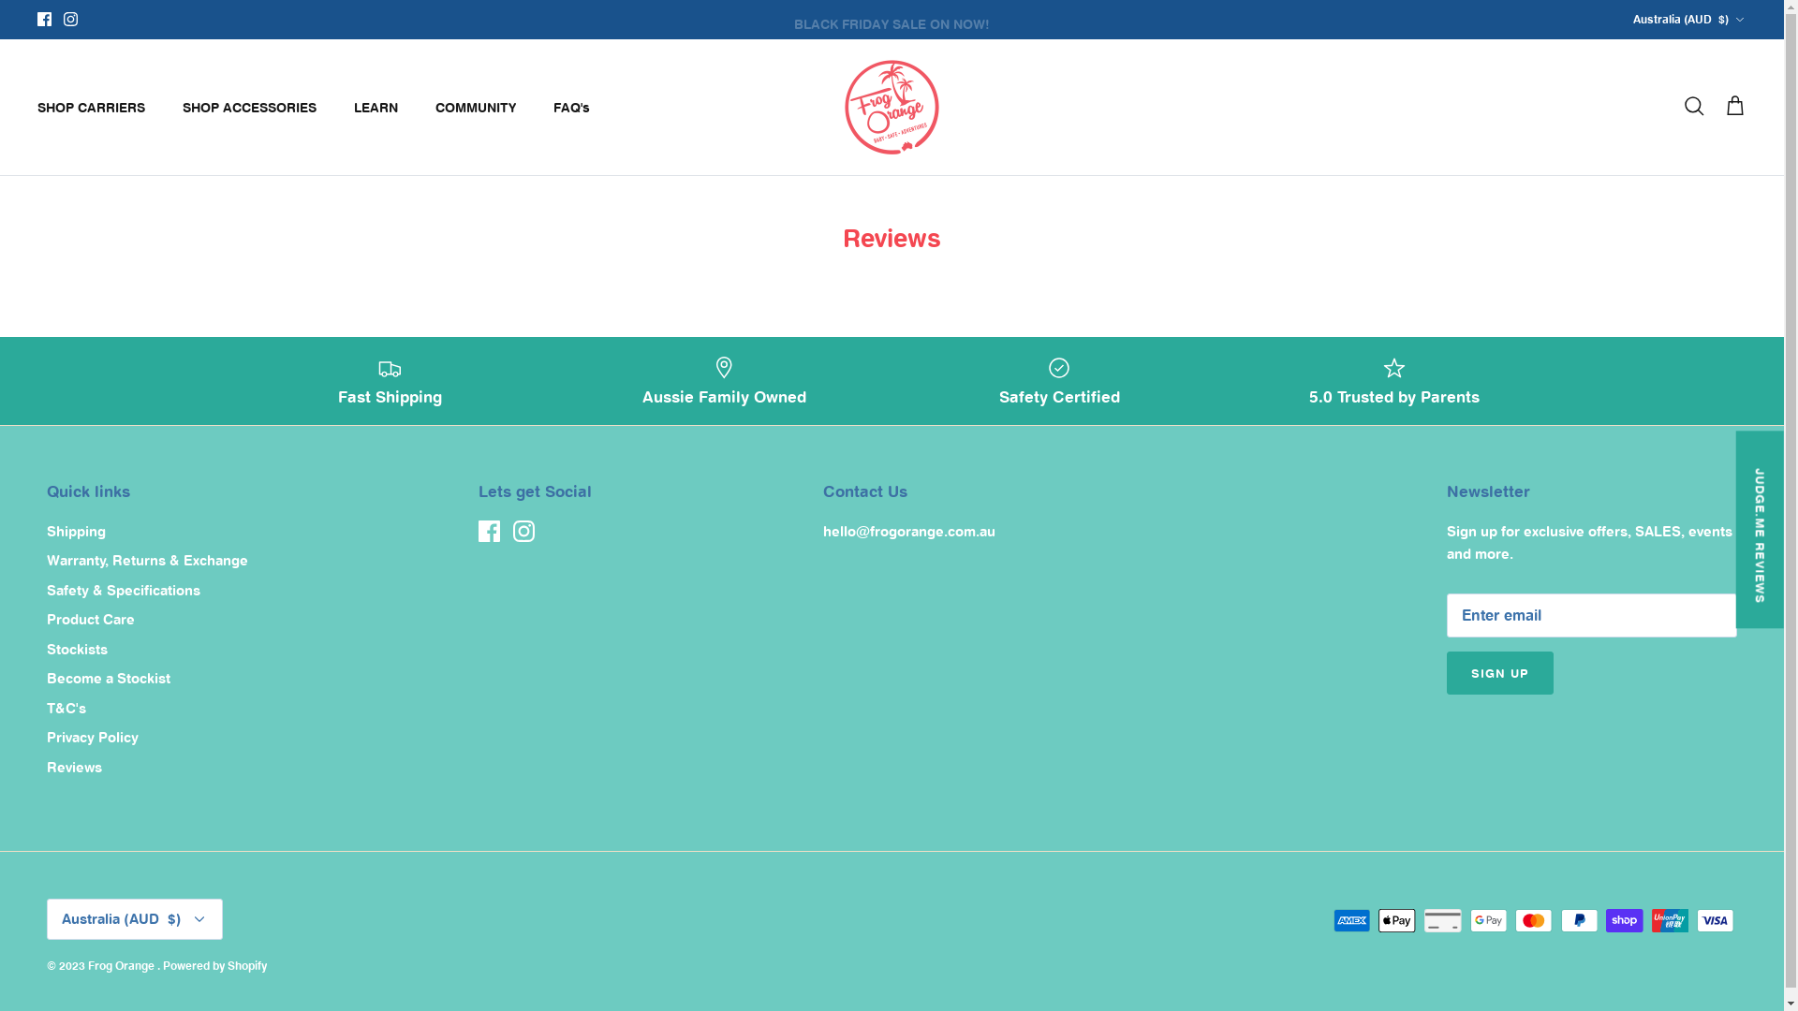  I want to click on 'Product Care', so click(89, 619).